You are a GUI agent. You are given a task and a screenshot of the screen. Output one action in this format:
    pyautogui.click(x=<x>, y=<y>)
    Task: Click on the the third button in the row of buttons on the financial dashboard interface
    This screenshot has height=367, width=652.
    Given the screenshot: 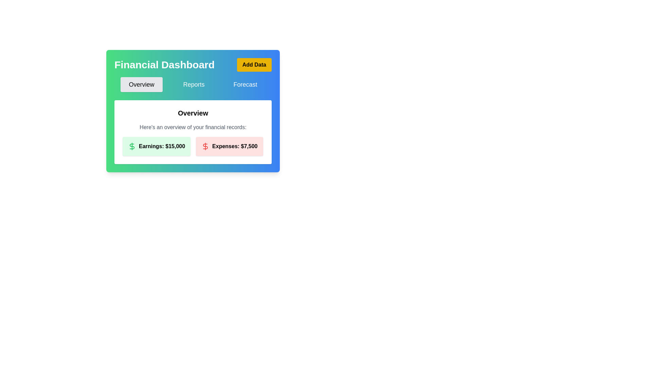 What is the action you would take?
    pyautogui.click(x=245, y=84)
    